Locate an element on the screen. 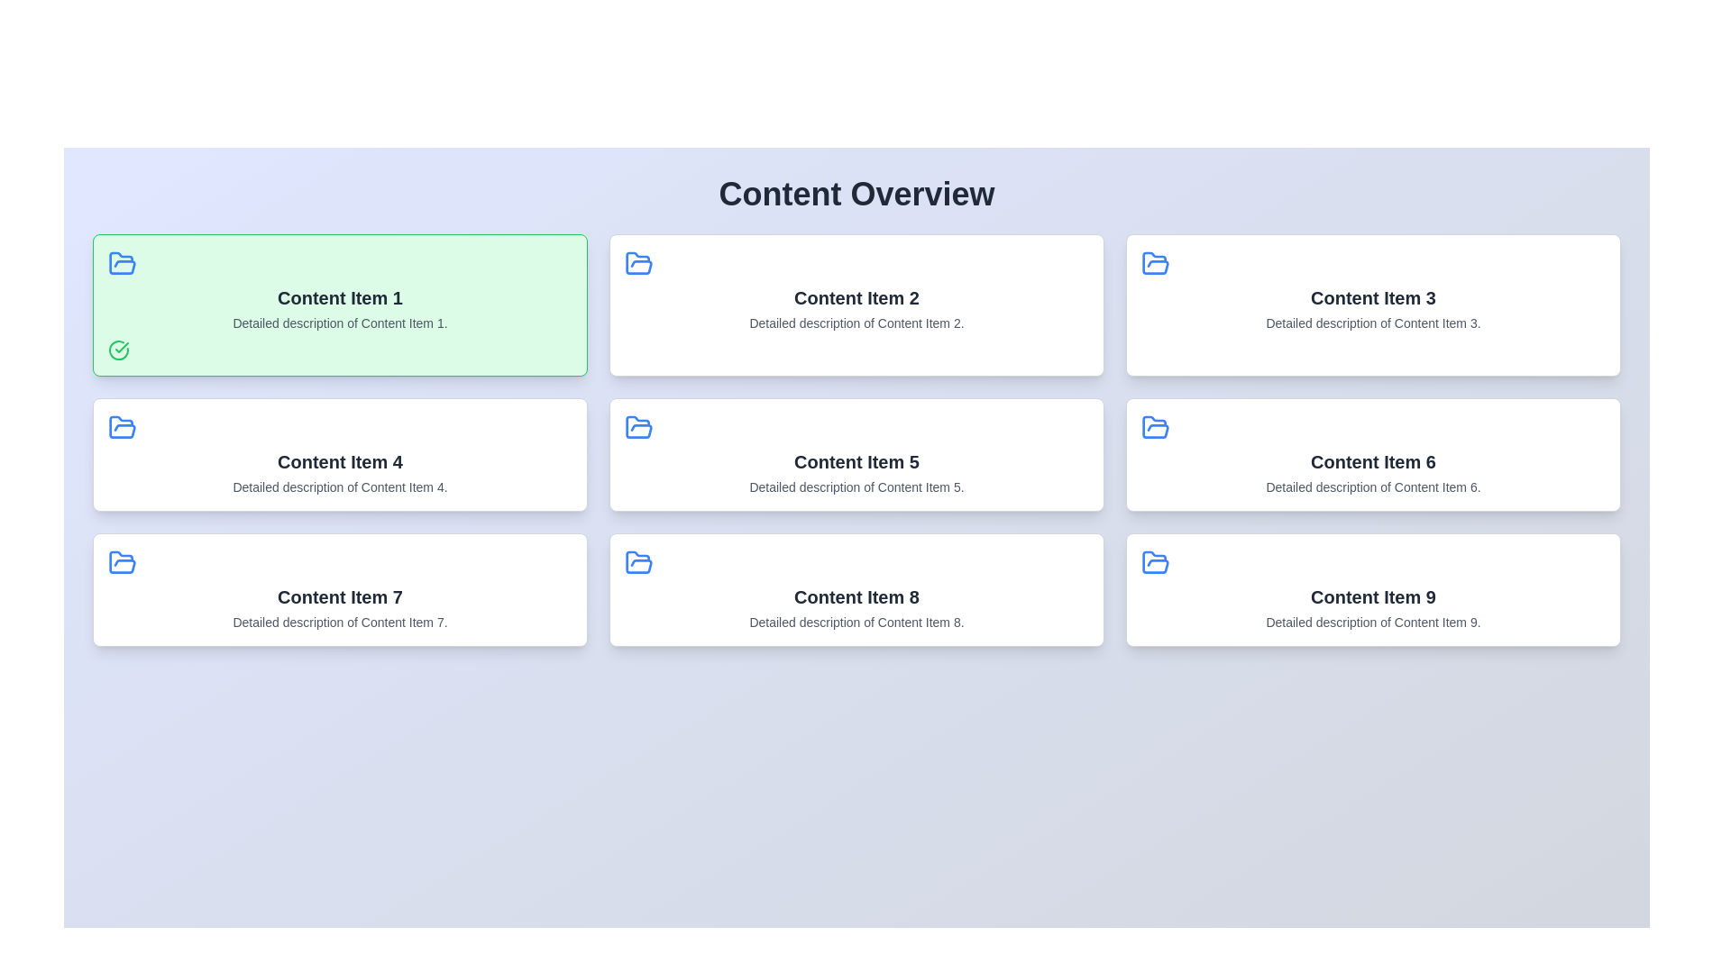  the card in the first row and third column of the grid under 'Content Overview' is located at coordinates (1372, 305).